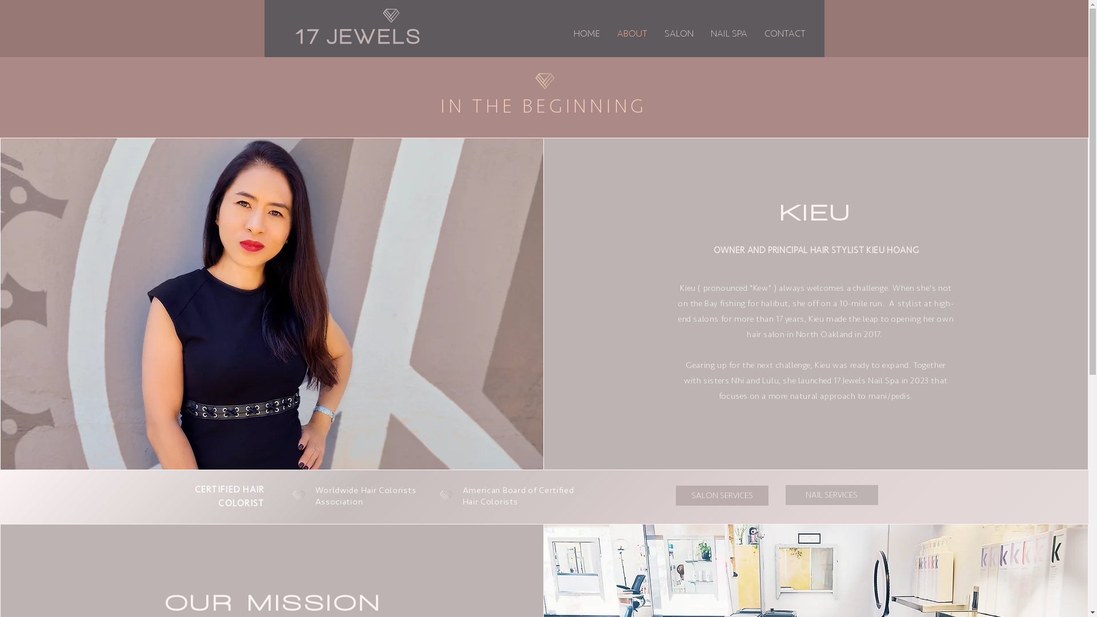 The height and width of the screenshot is (617, 1097). Describe the element at coordinates (720, 495) in the screenshot. I see `'SALON SERVICES'` at that location.